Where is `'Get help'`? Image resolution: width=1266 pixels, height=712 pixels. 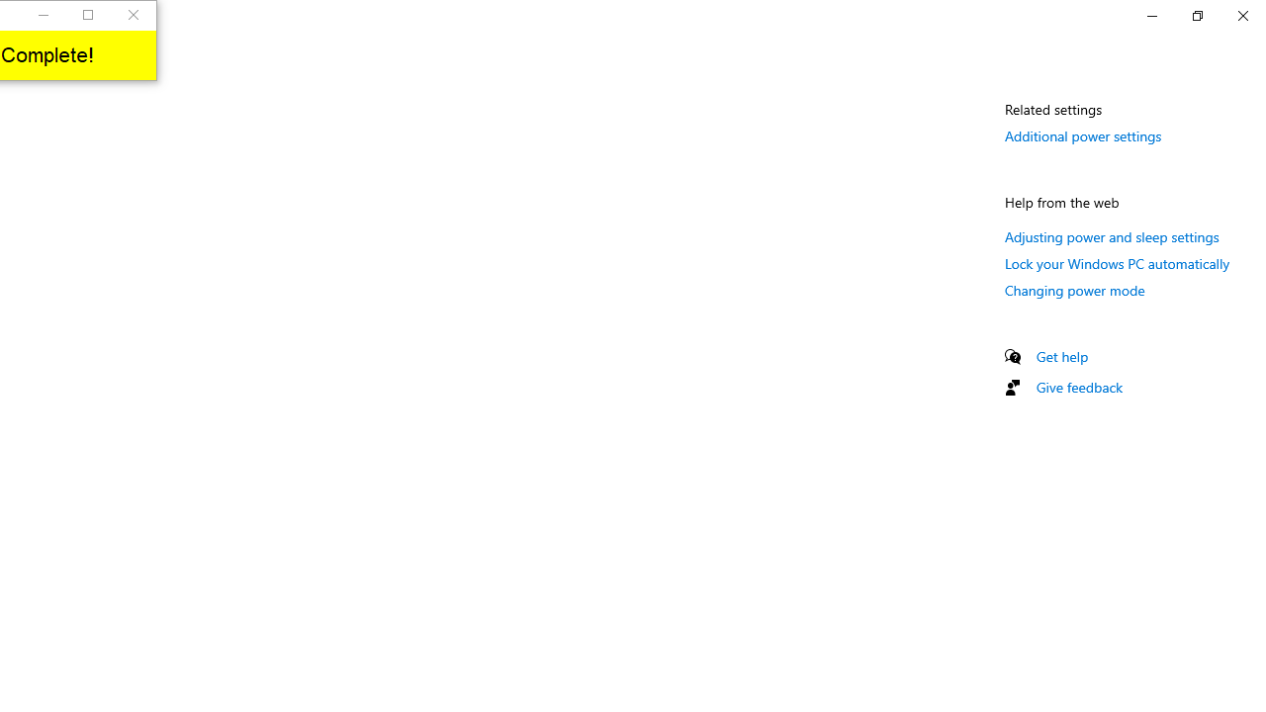
'Get help' is located at coordinates (1061, 356).